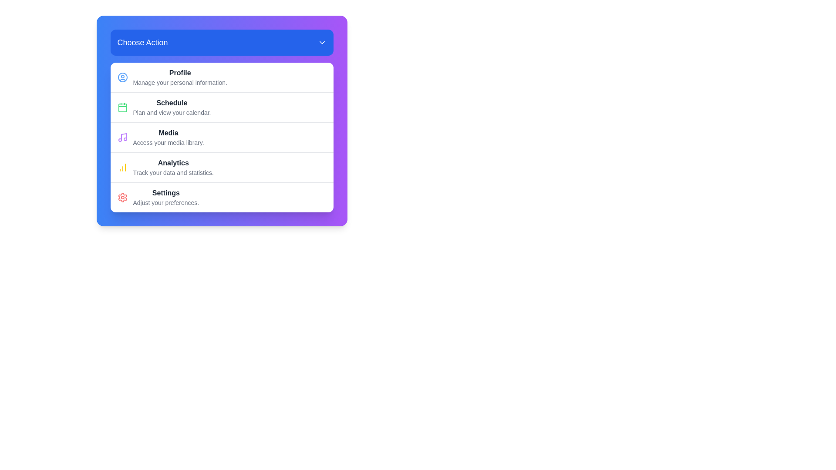 The height and width of the screenshot is (470, 836). What do you see at coordinates (122, 137) in the screenshot?
I see `the decorative Icon representing the 'Media' menu option, which is positioned to the left of the text label 'Media'` at bounding box center [122, 137].